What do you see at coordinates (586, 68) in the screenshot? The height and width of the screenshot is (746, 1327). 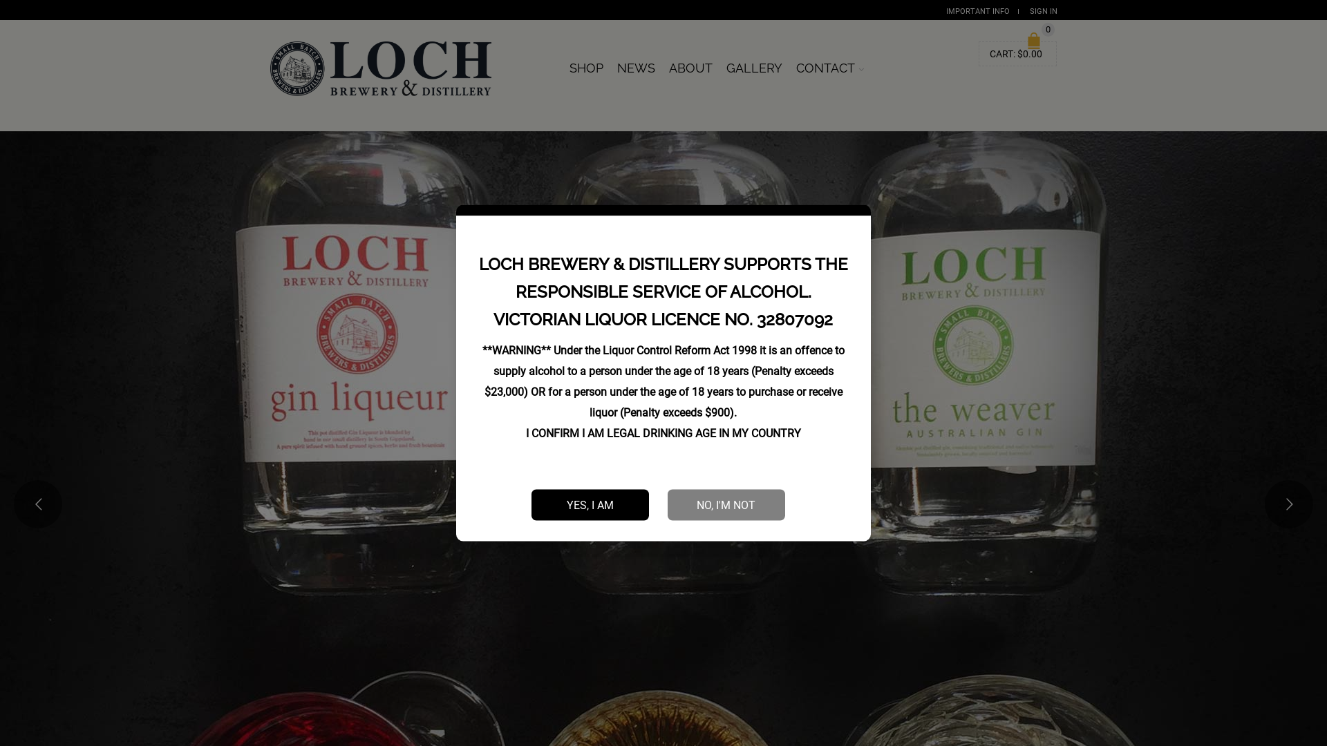 I see `'SHOP'` at bounding box center [586, 68].